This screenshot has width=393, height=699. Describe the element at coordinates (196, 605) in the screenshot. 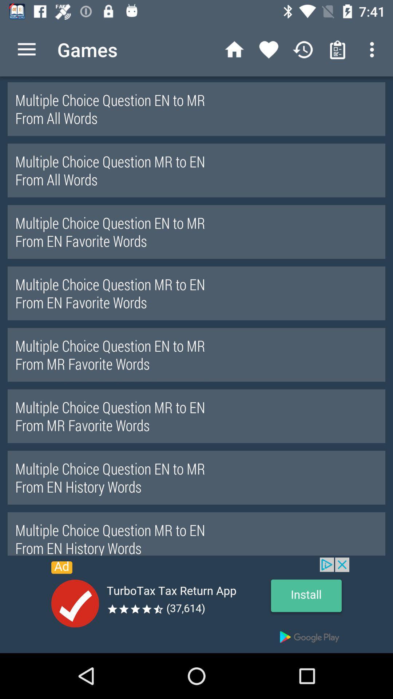

I see `interact with advertisement` at that location.